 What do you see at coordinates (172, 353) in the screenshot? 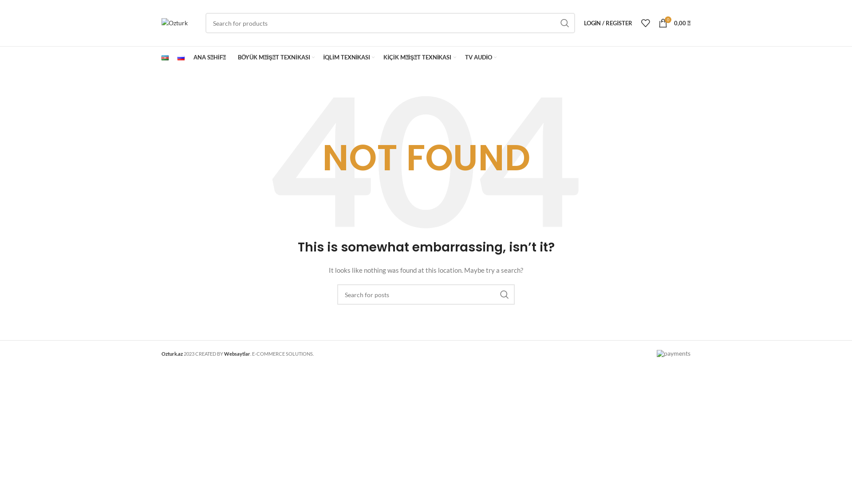
I see `'Ozturk.az'` at bounding box center [172, 353].